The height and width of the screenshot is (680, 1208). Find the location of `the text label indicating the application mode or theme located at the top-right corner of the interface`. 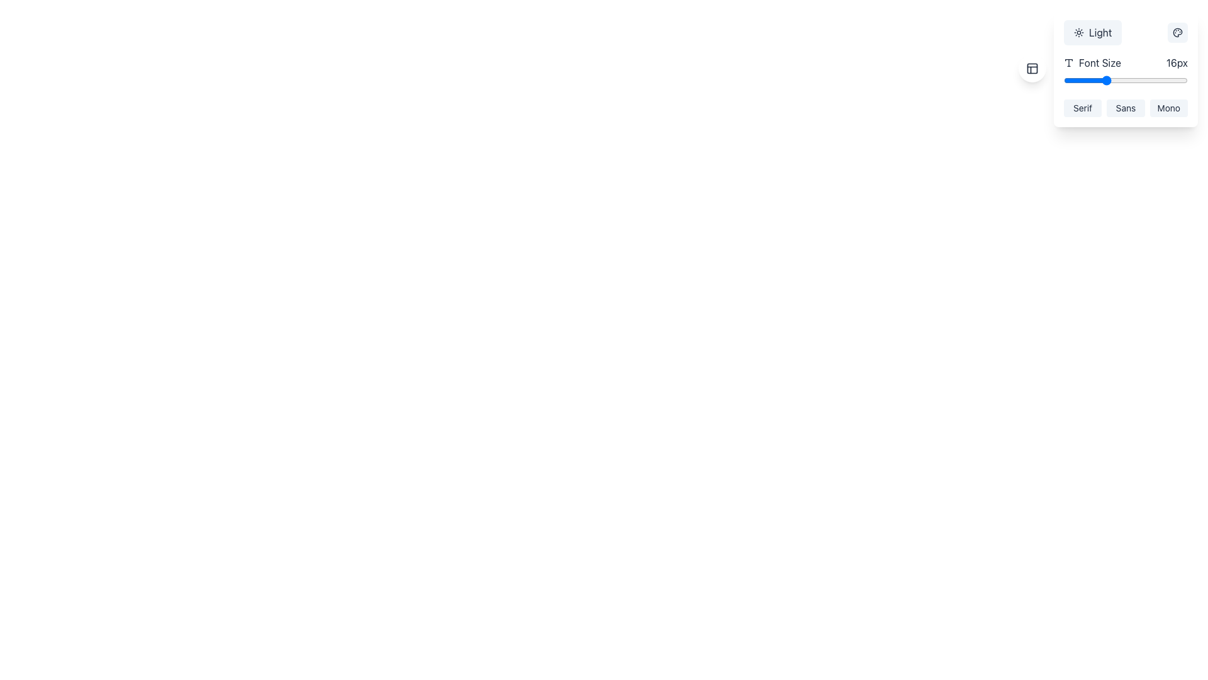

the text label indicating the application mode or theme located at the top-right corner of the interface is located at coordinates (1100, 31).